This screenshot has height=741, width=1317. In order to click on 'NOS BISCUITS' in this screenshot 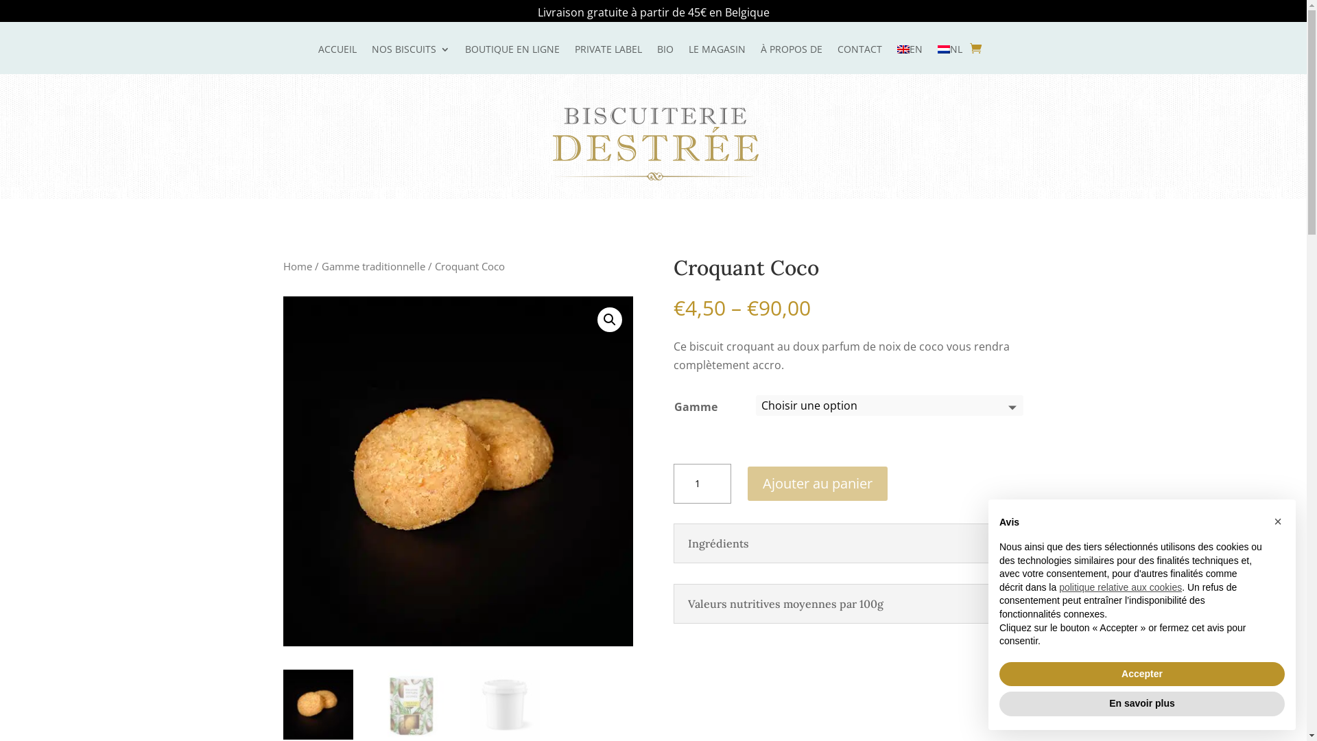, I will do `click(372, 58)`.